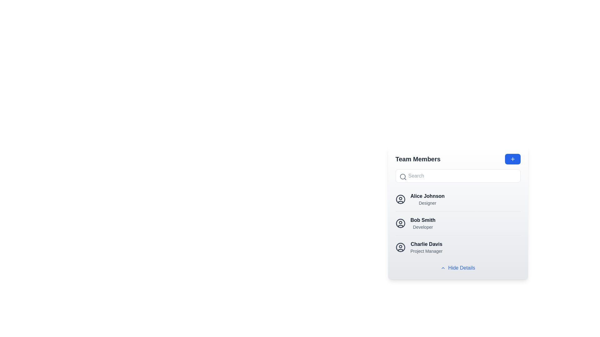 The height and width of the screenshot is (337, 600). I want to click on the add icon button located at the top-right corner of the 'Team Members' panel to trigger a tooltip or visual effect, so click(512, 159).